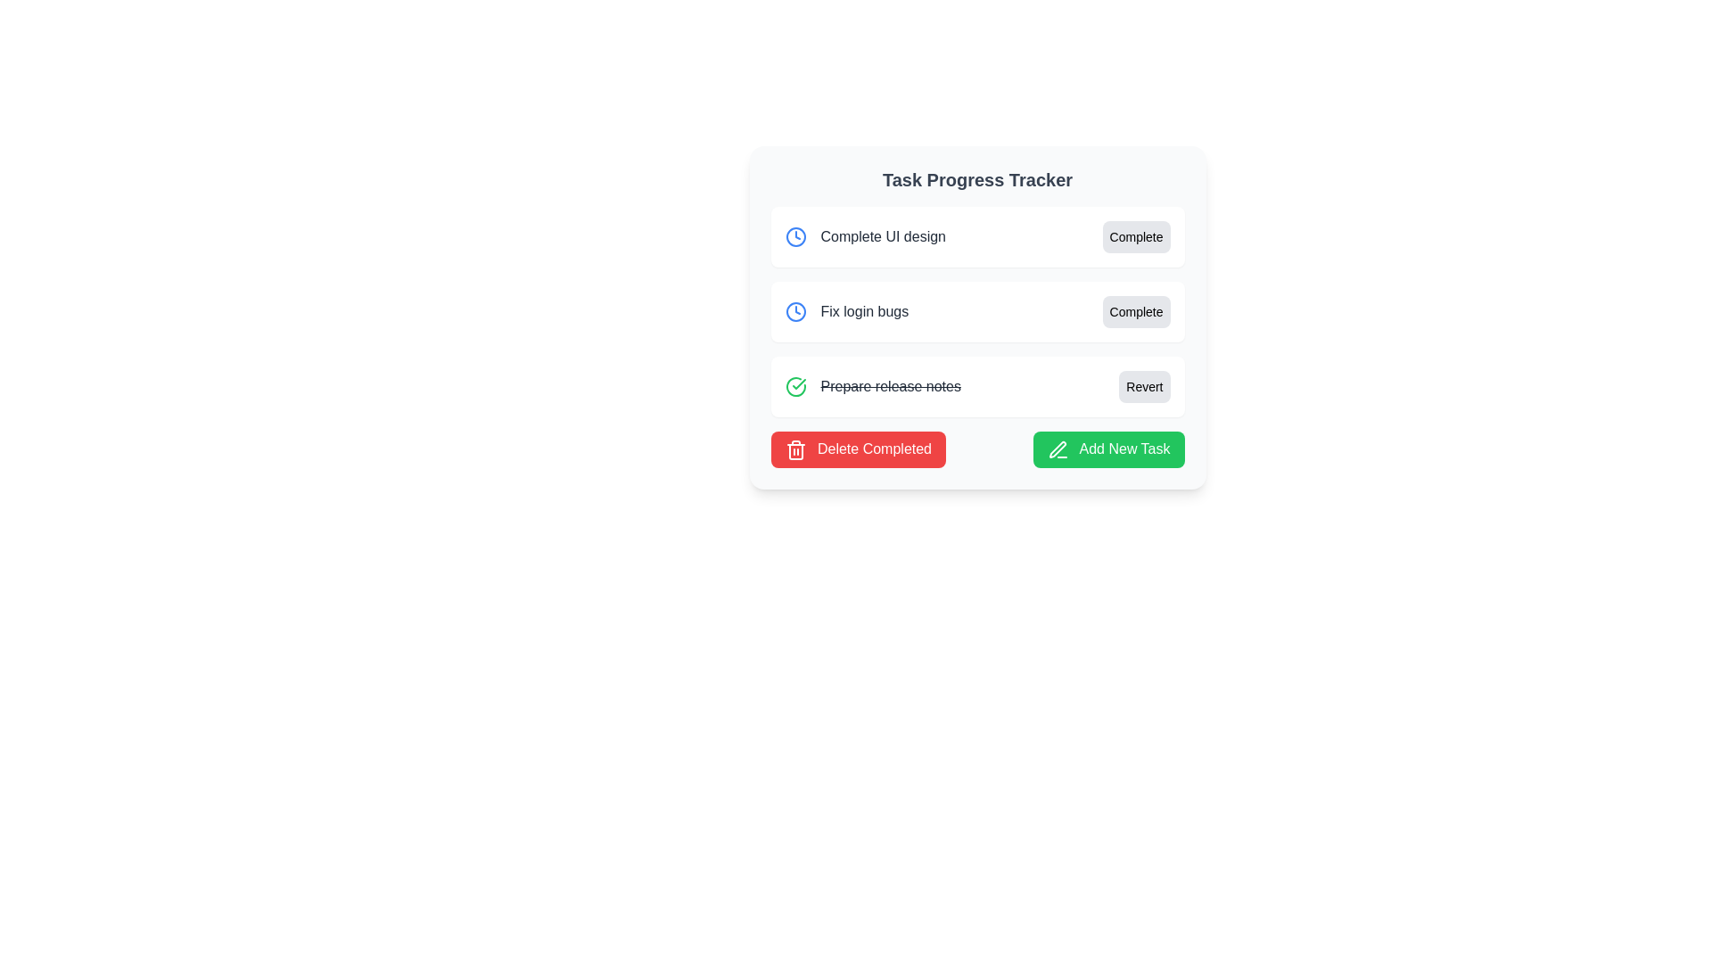 This screenshot has height=963, width=1712. Describe the element at coordinates (845, 311) in the screenshot. I see `the text label displaying 'Fix login bugs', which is the second task in the 'Task Progress Tracker' card, positioned between 'Complete UI design' and 'Prepare release notes'` at that location.